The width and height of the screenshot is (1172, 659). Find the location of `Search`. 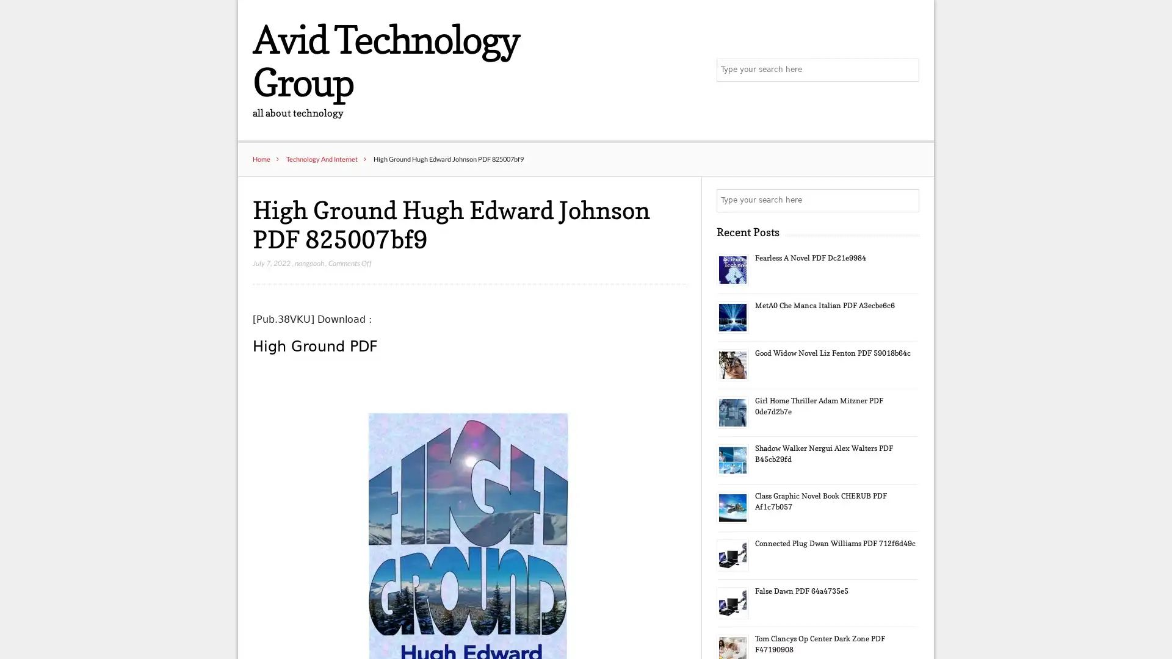

Search is located at coordinates (906, 201).